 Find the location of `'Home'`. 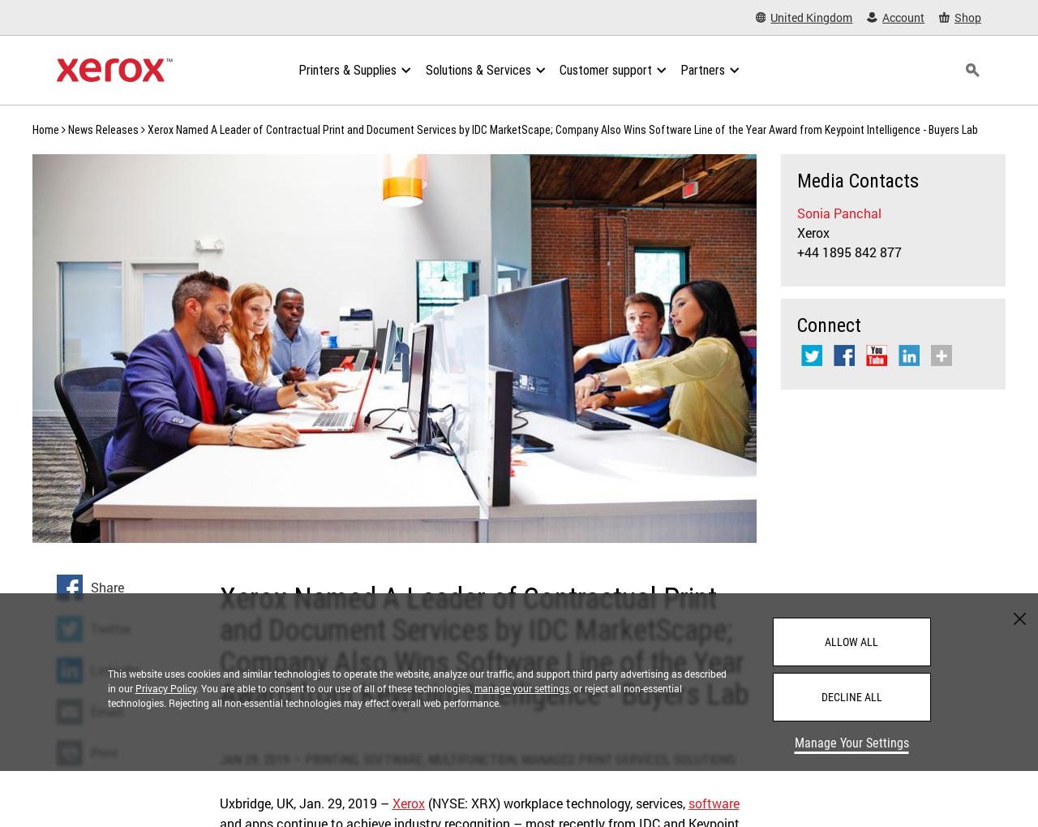

'Home' is located at coordinates (45, 129).